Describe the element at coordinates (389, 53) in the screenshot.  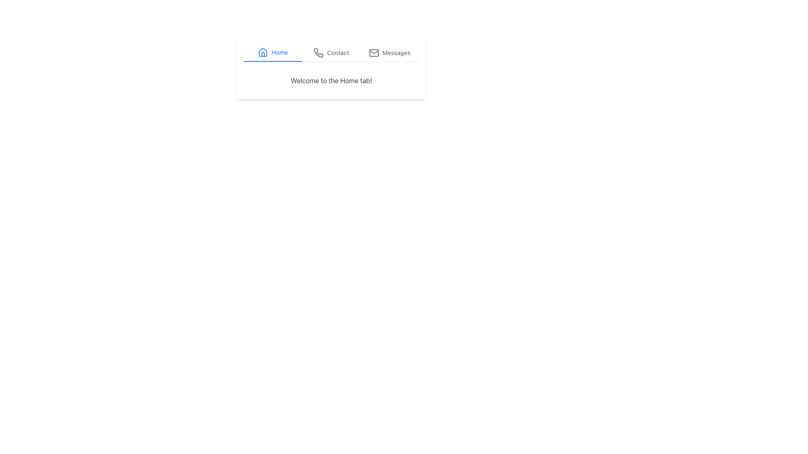
I see `the 'Messages' navigation item, which consists of a bold gray text label and an envelope icon, positioned as the third item in the horizontal navigation bar` at that location.